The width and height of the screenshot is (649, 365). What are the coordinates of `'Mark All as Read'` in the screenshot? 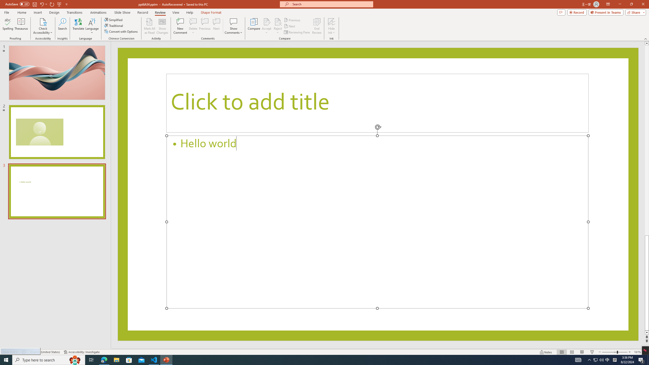 It's located at (150, 26).